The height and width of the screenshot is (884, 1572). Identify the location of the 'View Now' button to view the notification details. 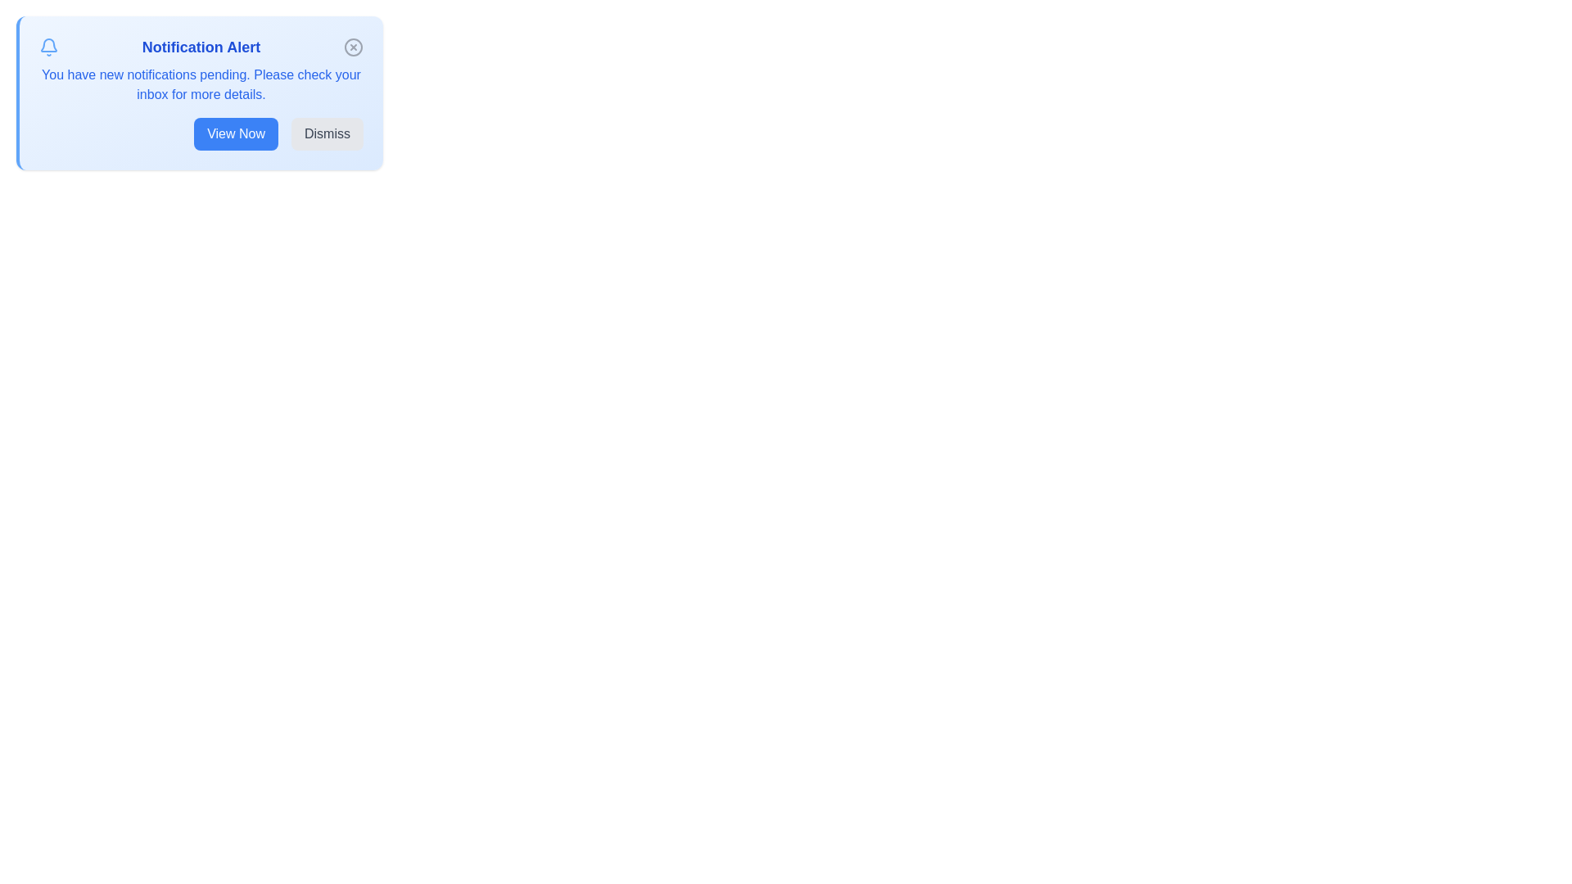
(235, 133).